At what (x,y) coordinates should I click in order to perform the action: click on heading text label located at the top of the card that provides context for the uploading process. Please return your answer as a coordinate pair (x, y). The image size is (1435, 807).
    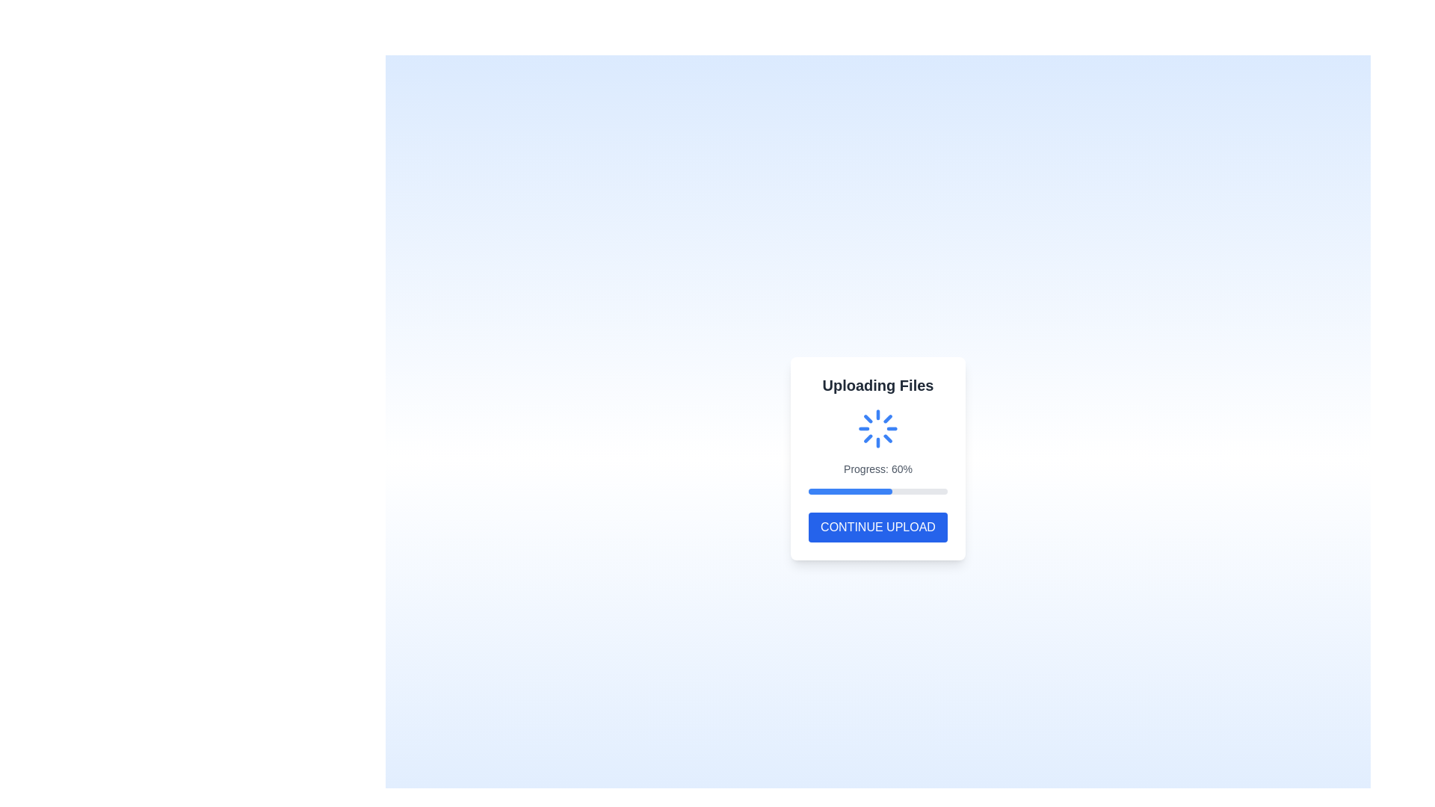
    Looking at the image, I should click on (878, 385).